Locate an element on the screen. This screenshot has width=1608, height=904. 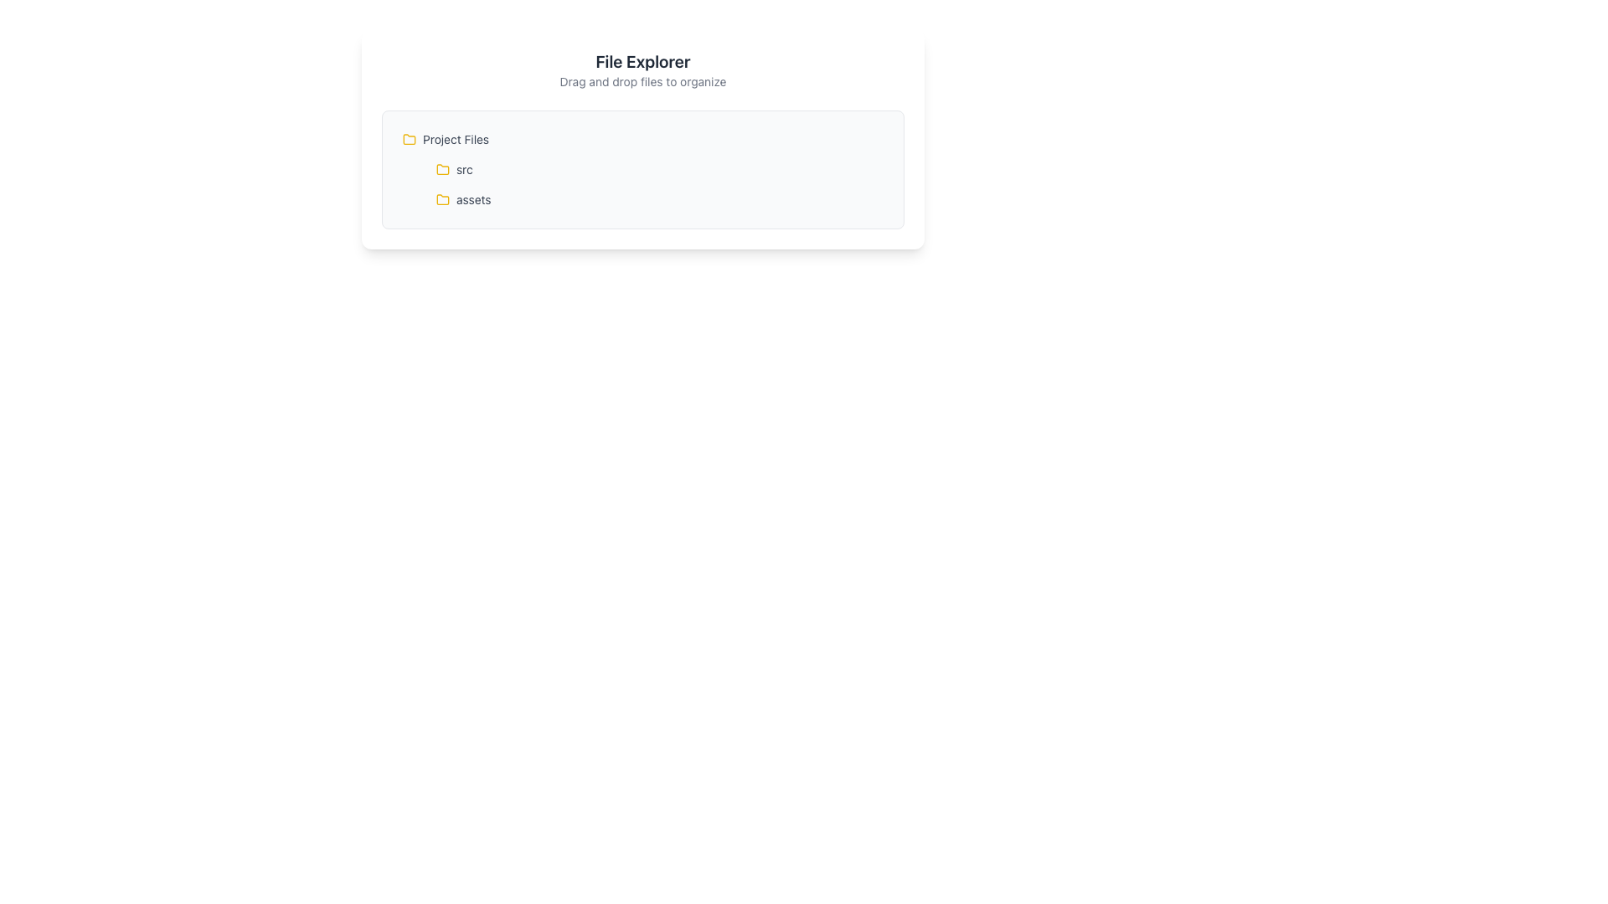
the 'assets' folder icon in the File Explorer is located at coordinates (442, 198).